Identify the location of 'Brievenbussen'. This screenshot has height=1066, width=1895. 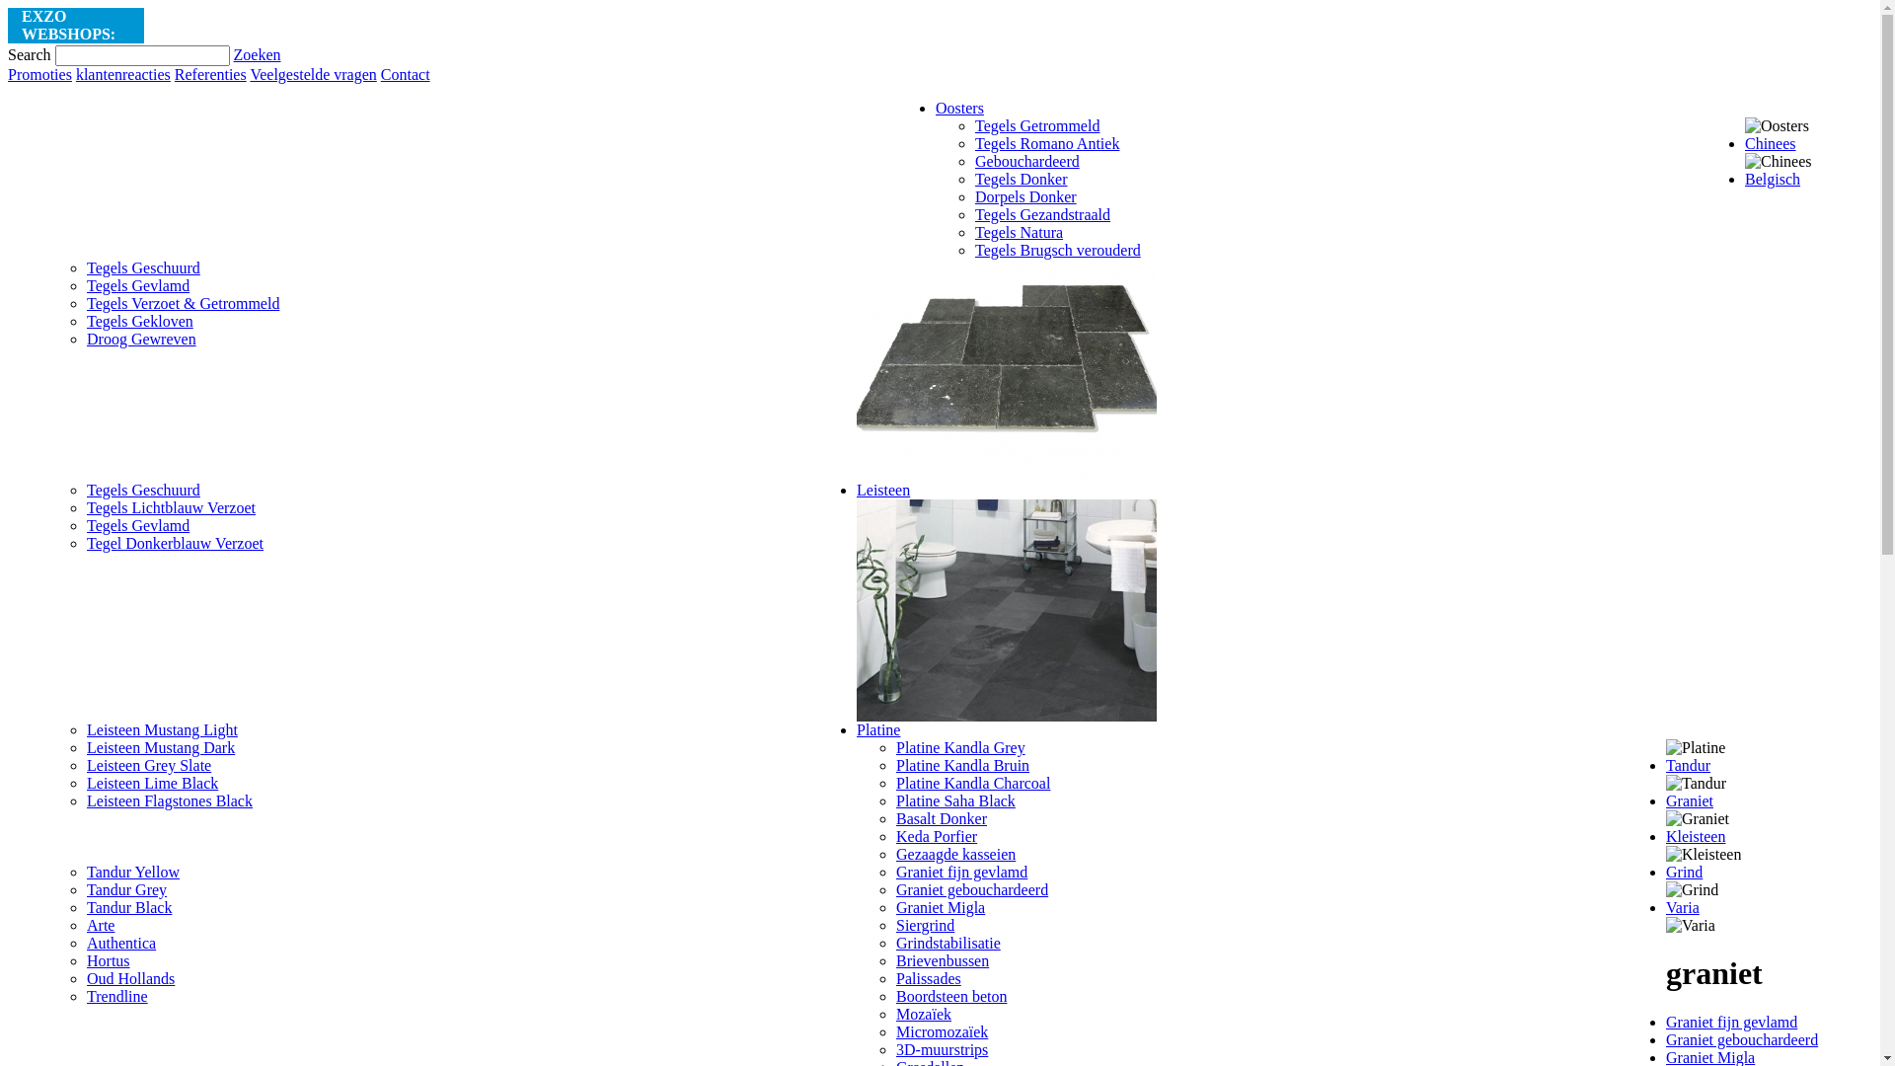
(942, 959).